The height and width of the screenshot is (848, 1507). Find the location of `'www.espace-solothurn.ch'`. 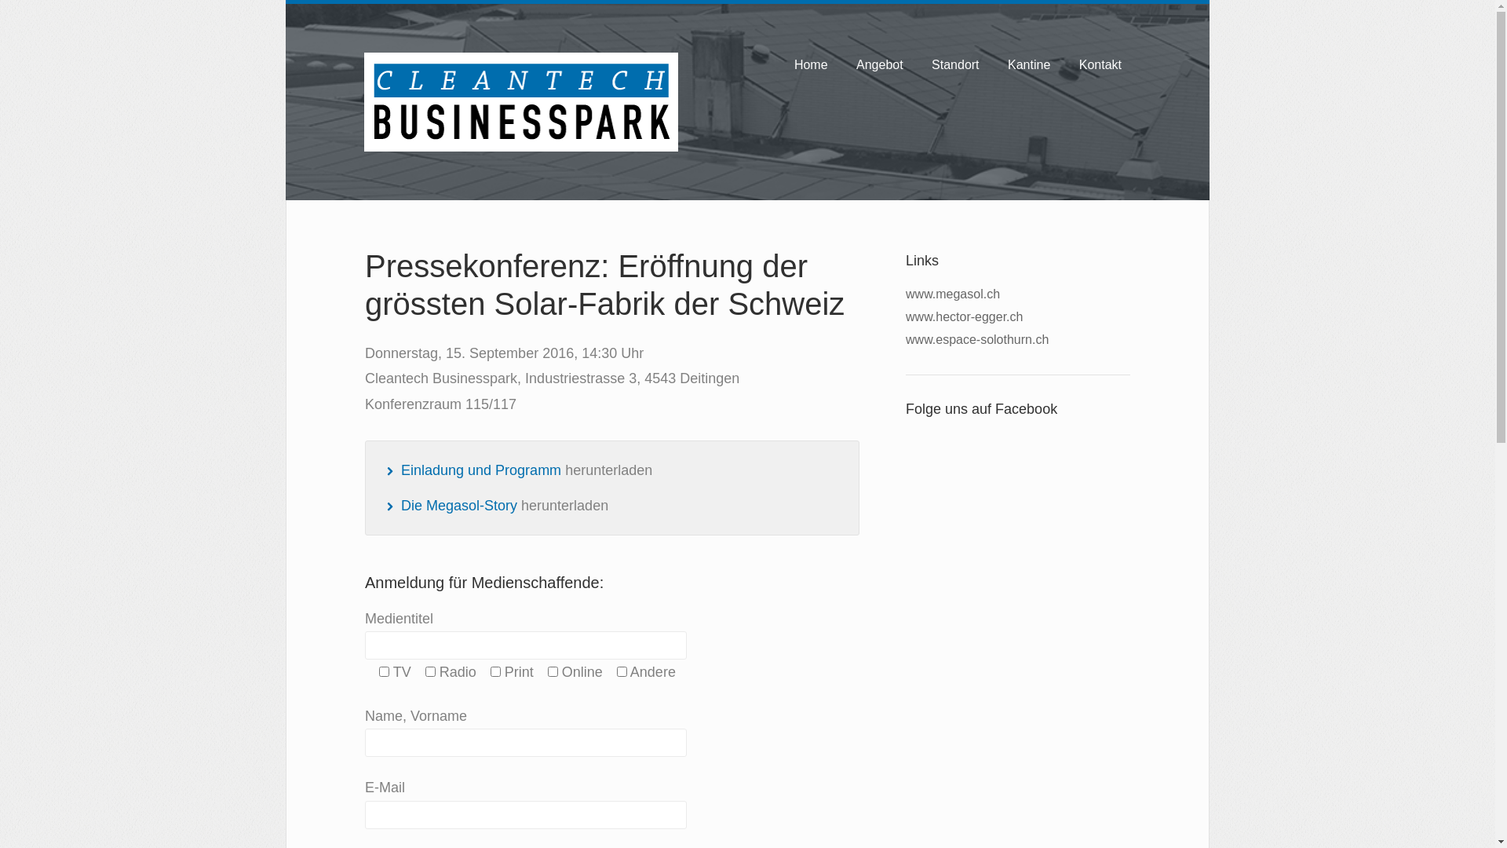

'www.espace-solothurn.ch' is located at coordinates (976, 338).